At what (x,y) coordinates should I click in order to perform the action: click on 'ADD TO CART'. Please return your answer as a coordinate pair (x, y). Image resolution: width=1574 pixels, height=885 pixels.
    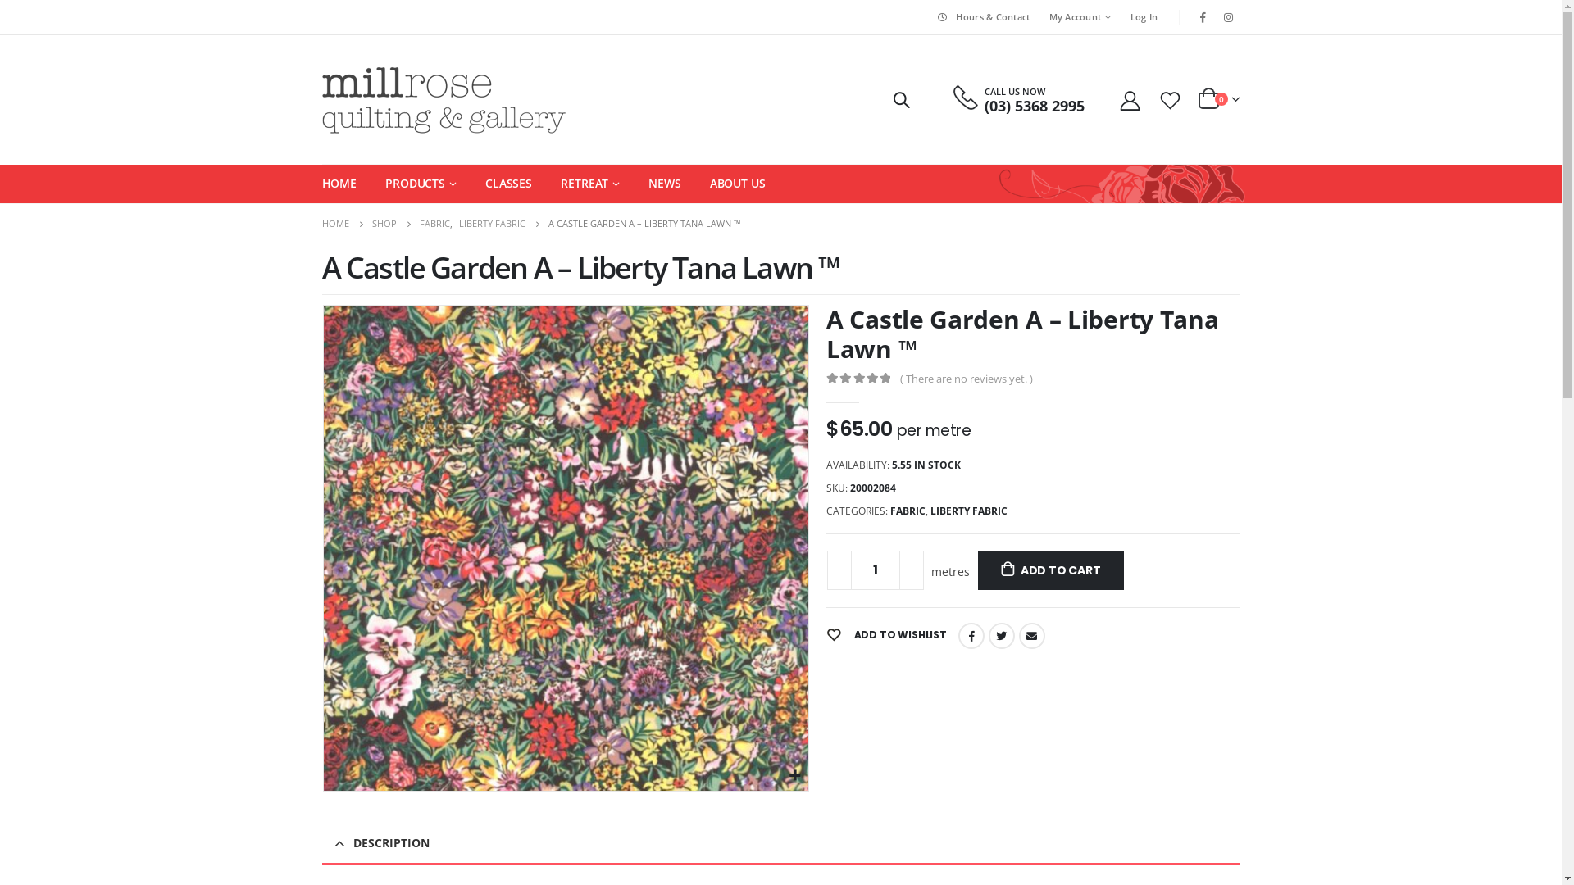
    Looking at the image, I should click on (978, 569).